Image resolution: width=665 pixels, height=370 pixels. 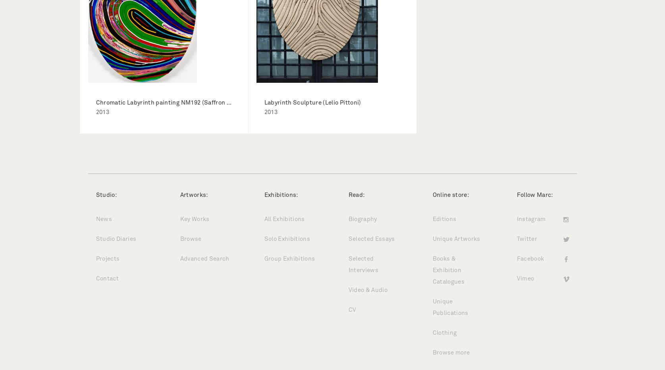 What do you see at coordinates (356, 195) in the screenshot?
I see `'Read:'` at bounding box center [356, 195].